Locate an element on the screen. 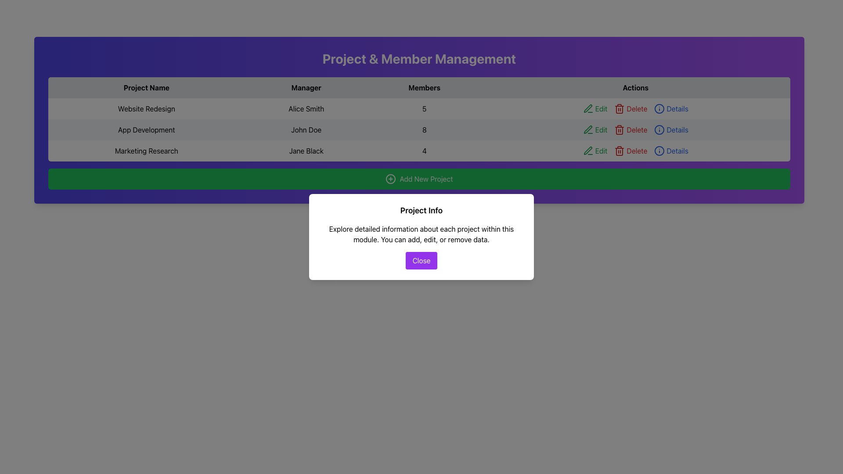  information displayed in the informational modal dialog that is centered within the viewport is located at coordinates (421, 237).